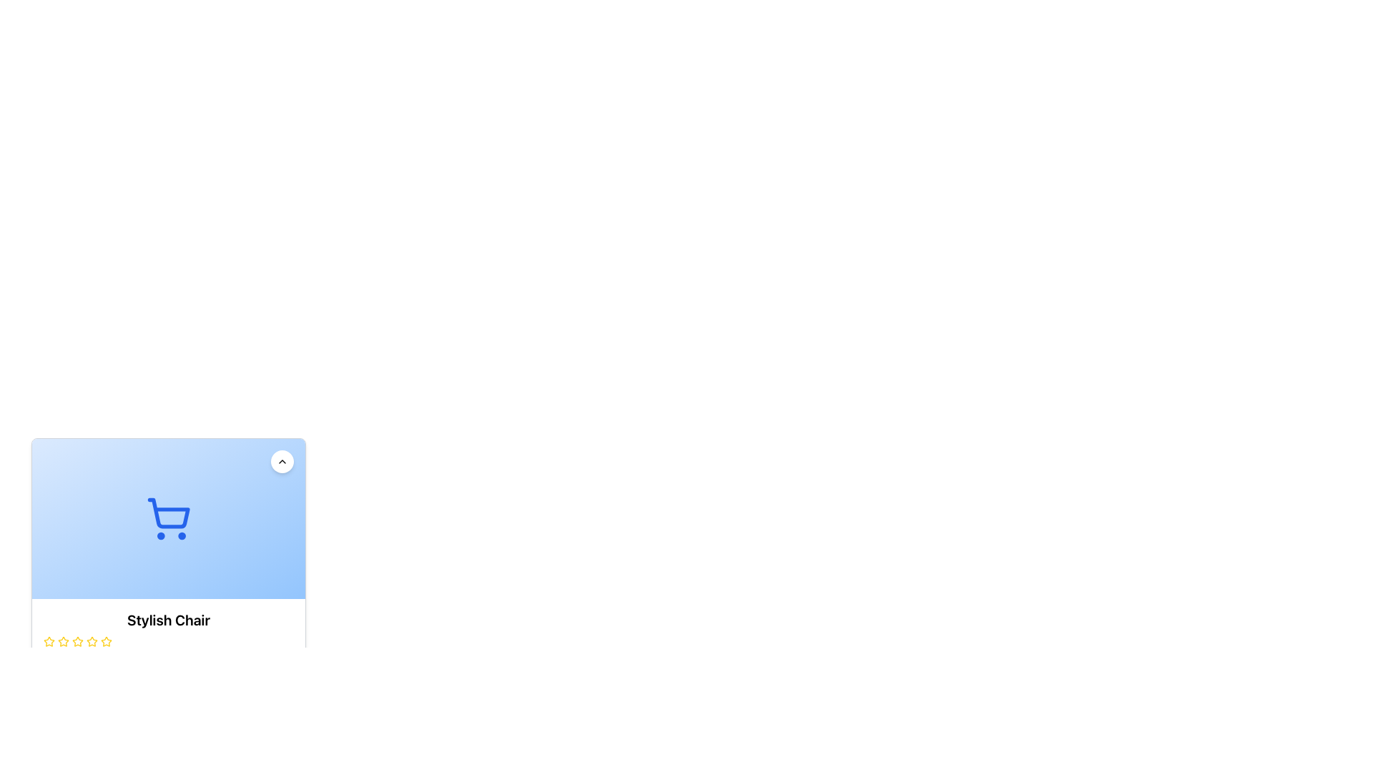  I want to click on the shopping cart icon, which is a blue graphical representation with a thin outline located centrally within a light blue gradient background, so click(168, 518).